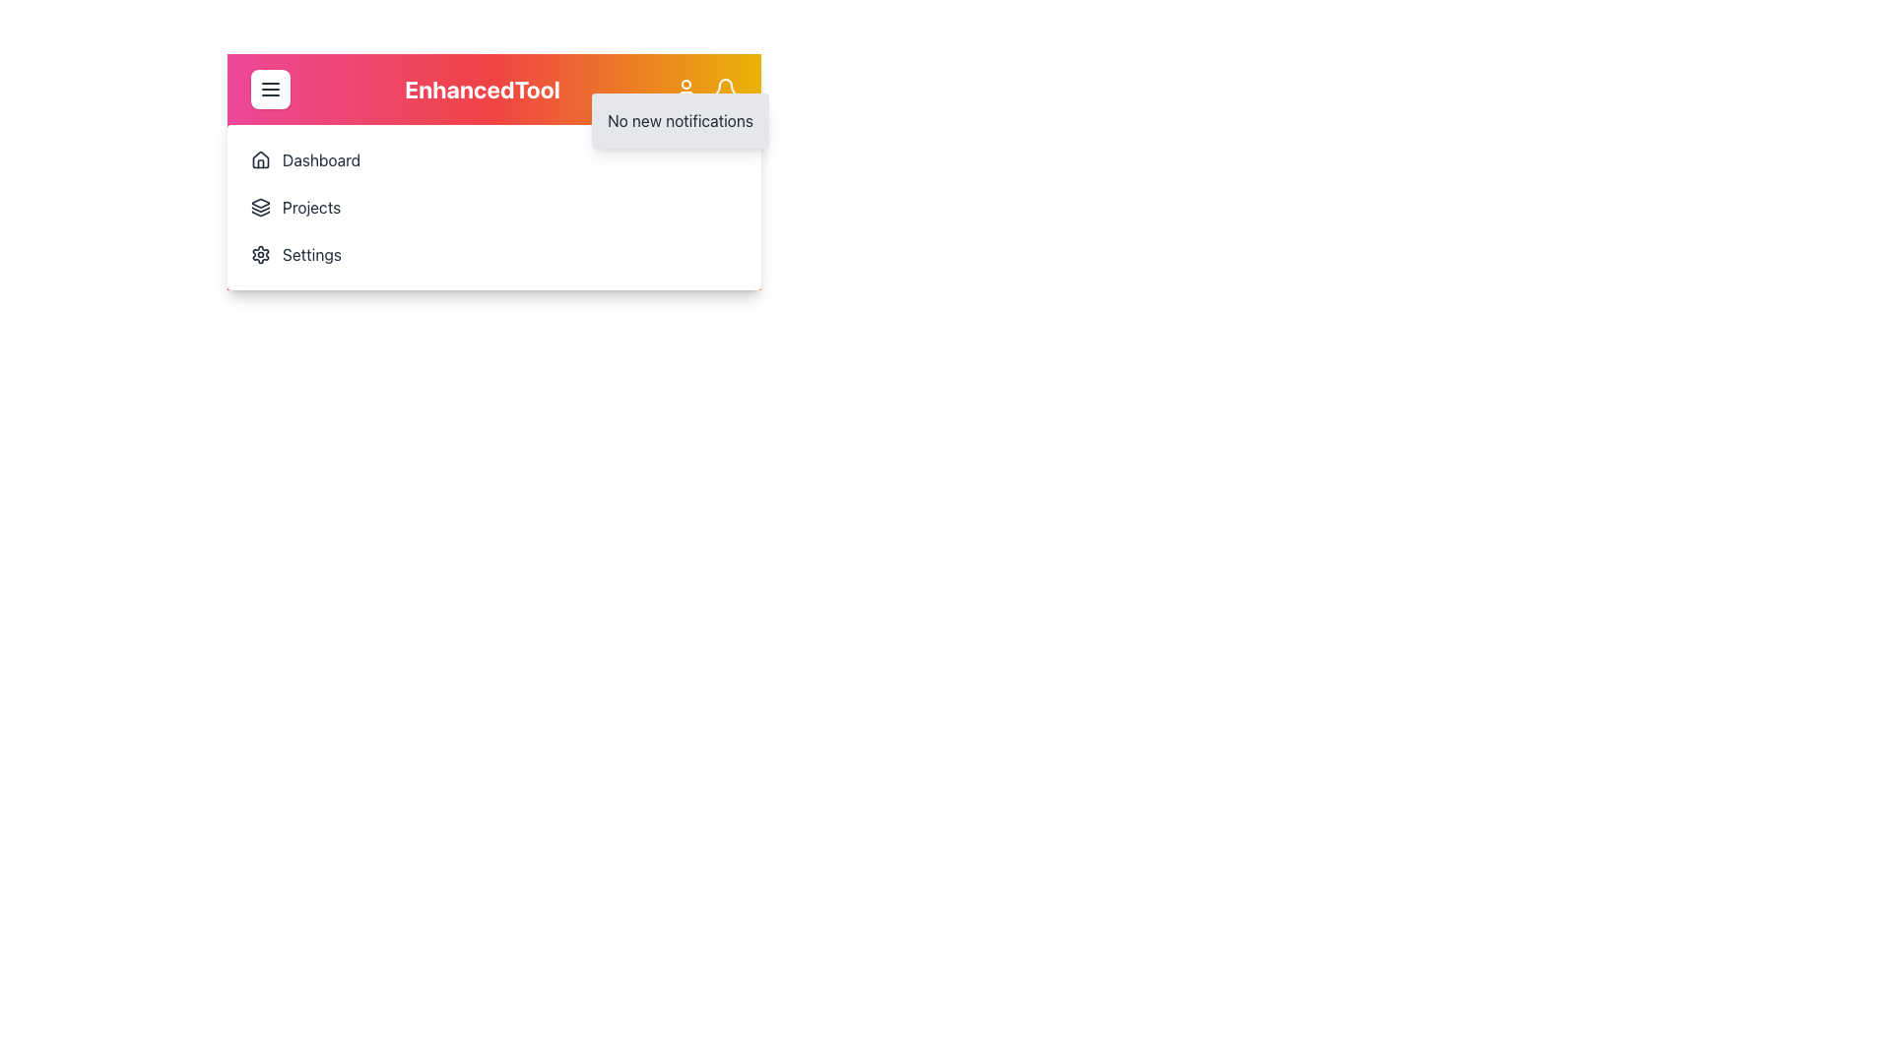  I want to click on the house icon that is located to the left of the 'Dashboard' text, which is styled with a simplified outline design and presented in black strokes, so click(259, 158).